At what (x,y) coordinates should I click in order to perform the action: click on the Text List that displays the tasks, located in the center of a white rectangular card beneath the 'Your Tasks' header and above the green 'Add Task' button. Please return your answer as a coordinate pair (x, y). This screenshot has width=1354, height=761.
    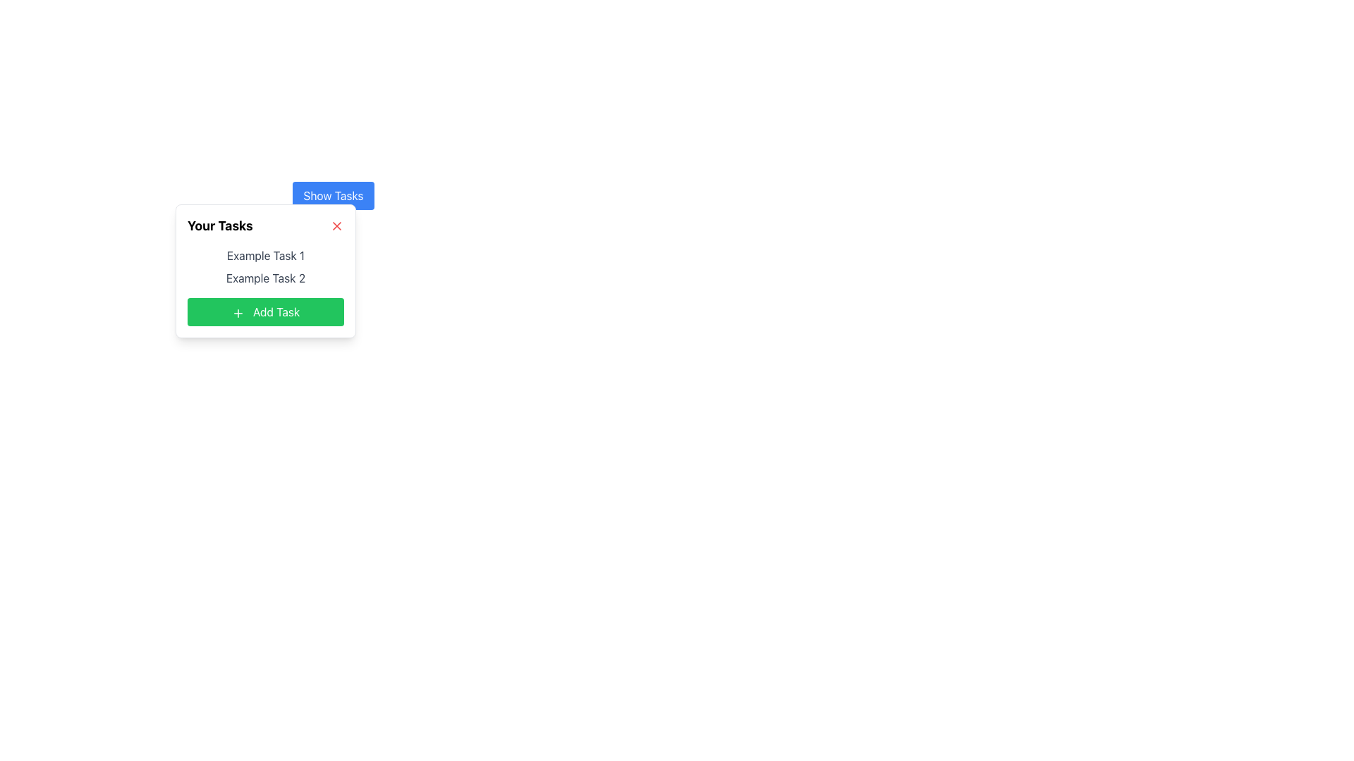
    Looking at the image, I should click on (266, 266).